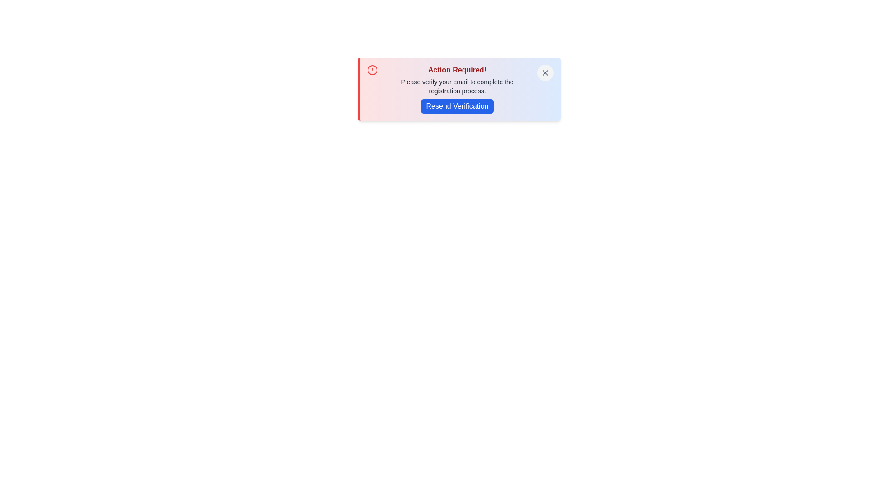 The width and height of the screenshot is (869, 489). Describe the element at coordinates (372, 69) in the screenshot. I see `the alert icon to interact with it visually` at that location.